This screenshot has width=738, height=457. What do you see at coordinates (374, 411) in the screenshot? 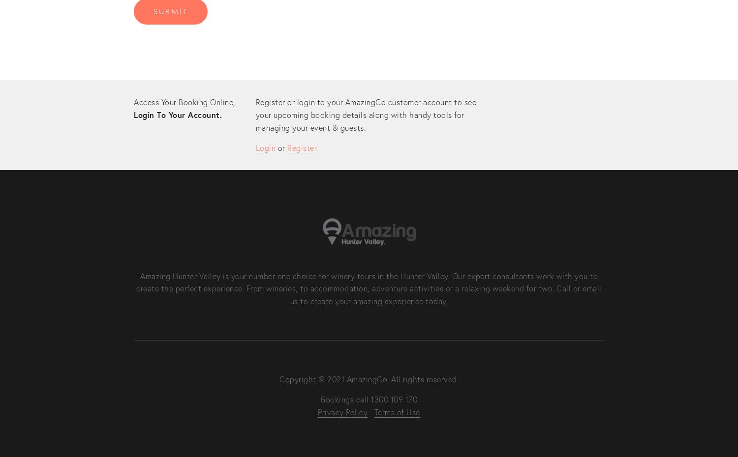
I see `'Terms of Use'` at bounding box center [374, 411].